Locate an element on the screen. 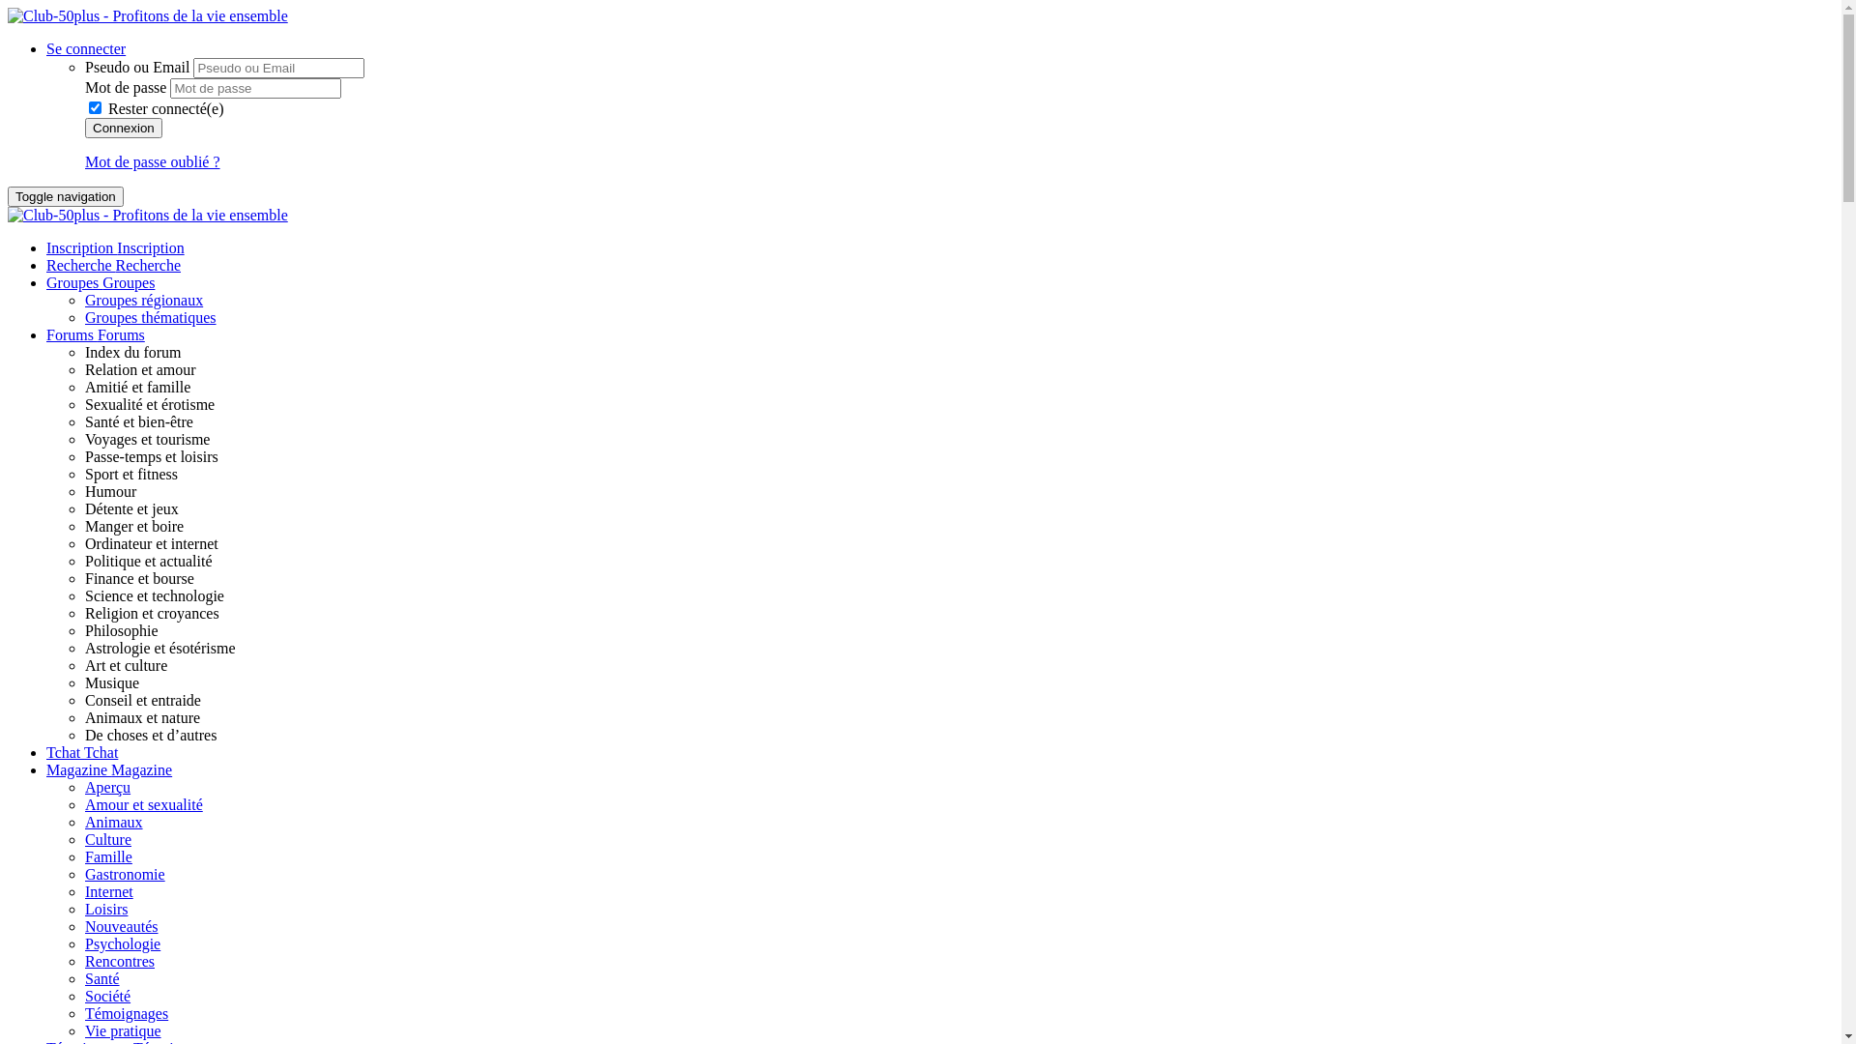 This screenshot has width=1856, height=1044. 'Voyages et tourisme' is located at coordinates (146, 439).